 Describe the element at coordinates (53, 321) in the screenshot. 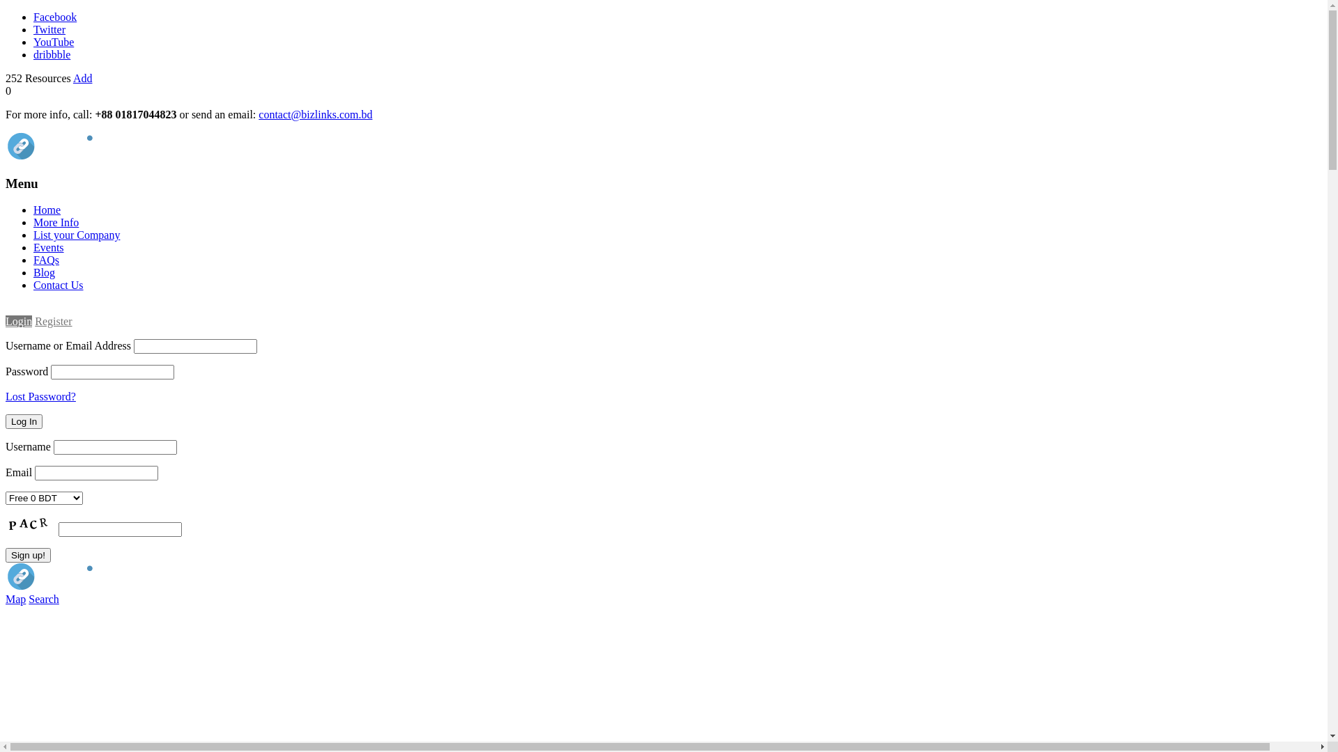

I see `'Register'` at that location.